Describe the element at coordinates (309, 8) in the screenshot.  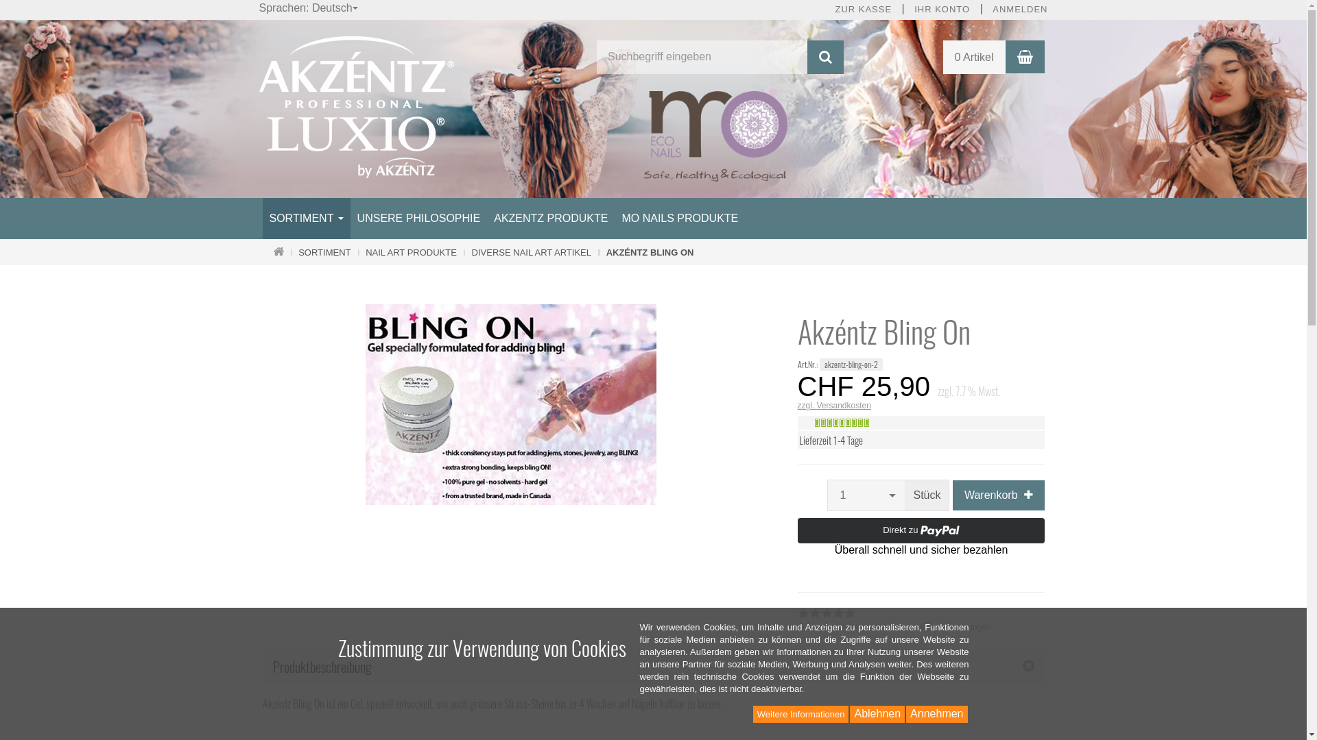
I see `'Sprachen: Deutsch'` at that location.